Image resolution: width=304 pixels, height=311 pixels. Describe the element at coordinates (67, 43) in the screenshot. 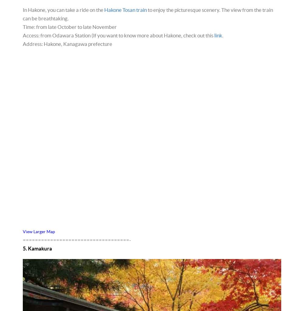

I see `'Address: Hakone, Kanagawa prefecture'` at that location.